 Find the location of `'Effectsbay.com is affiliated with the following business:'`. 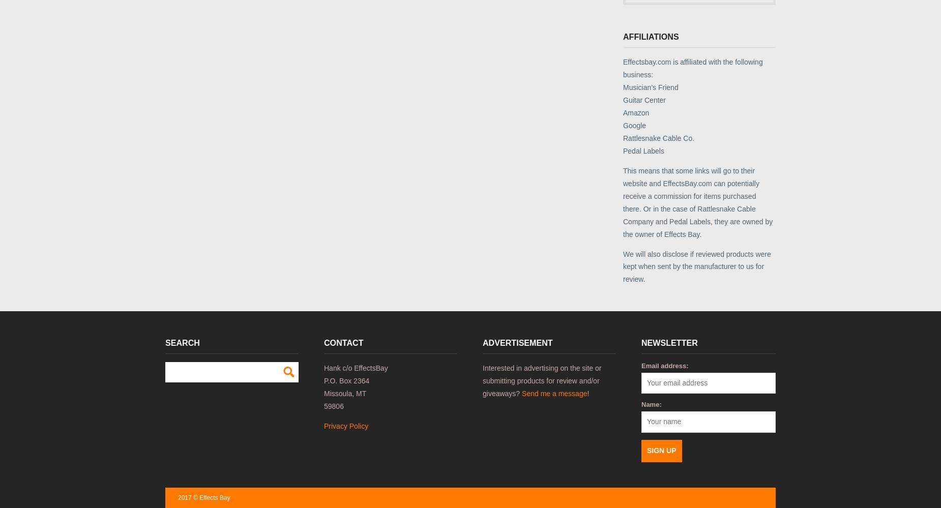

'Effectsbay.com is affiliated with the following business:' is located at coordinates (692, 68).